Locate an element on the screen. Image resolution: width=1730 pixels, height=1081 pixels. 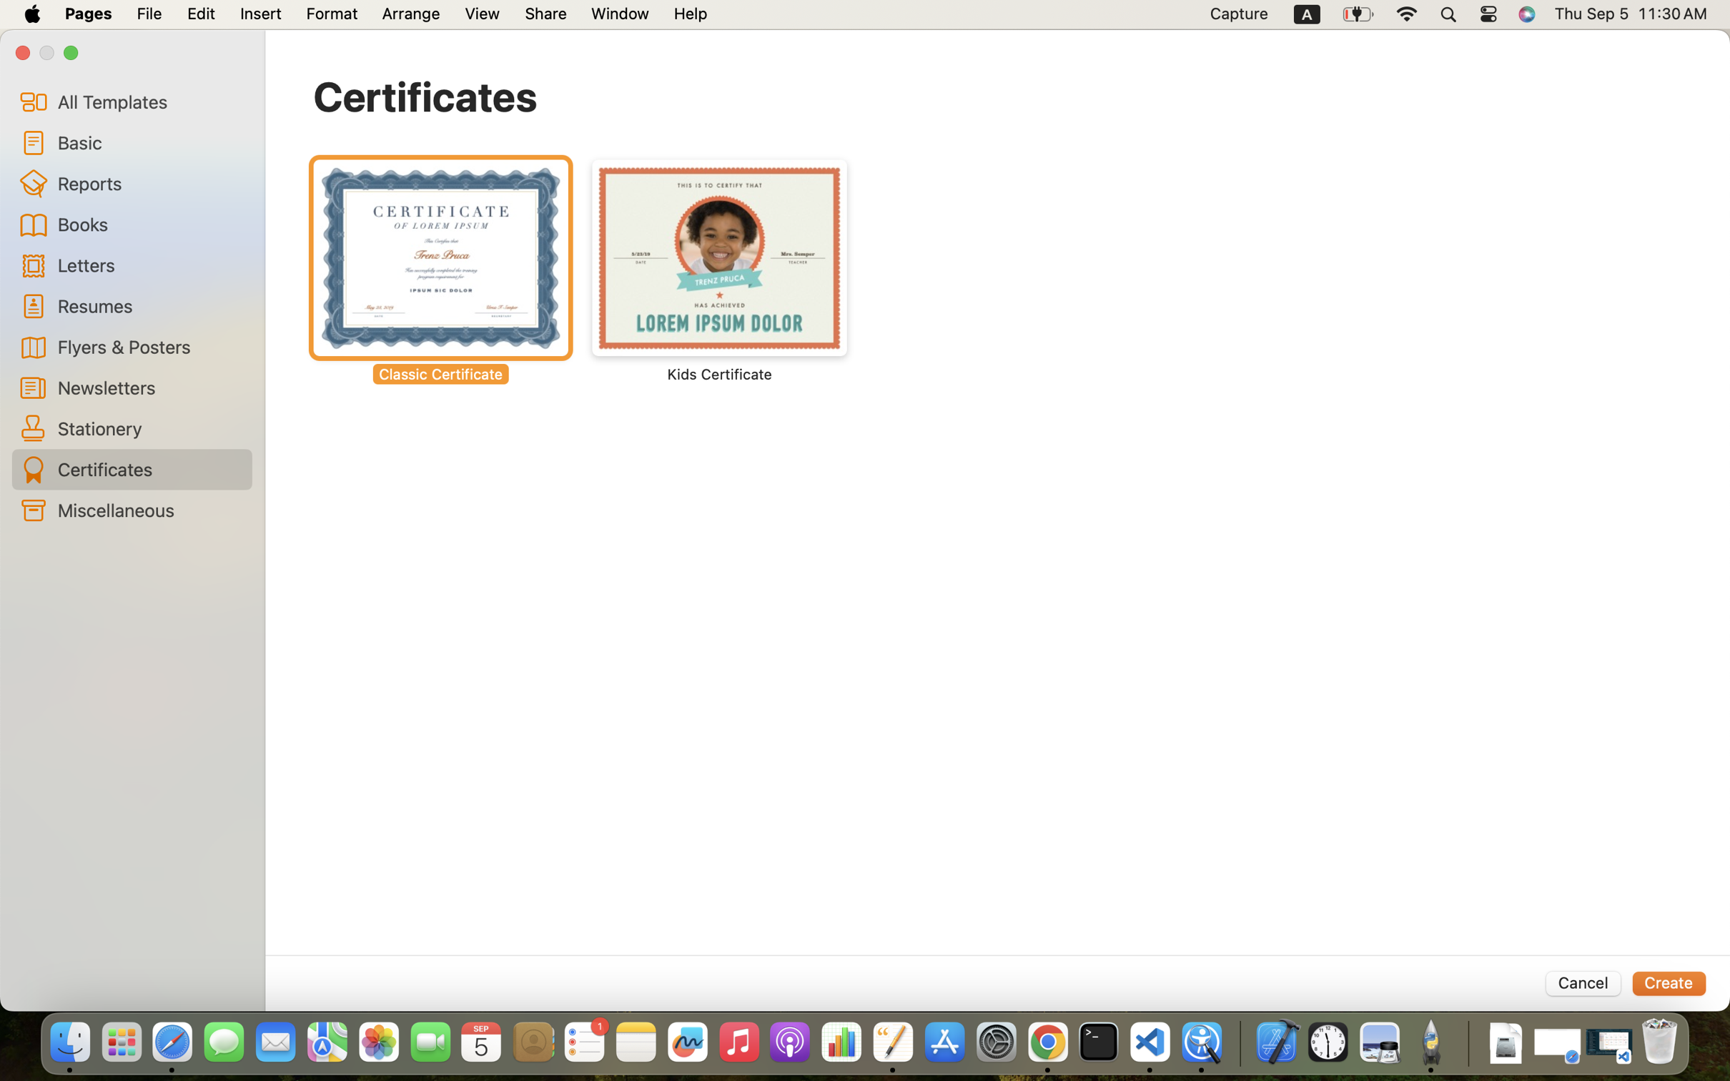
'Flyers & Posters' is located at coordinates (149, 345).